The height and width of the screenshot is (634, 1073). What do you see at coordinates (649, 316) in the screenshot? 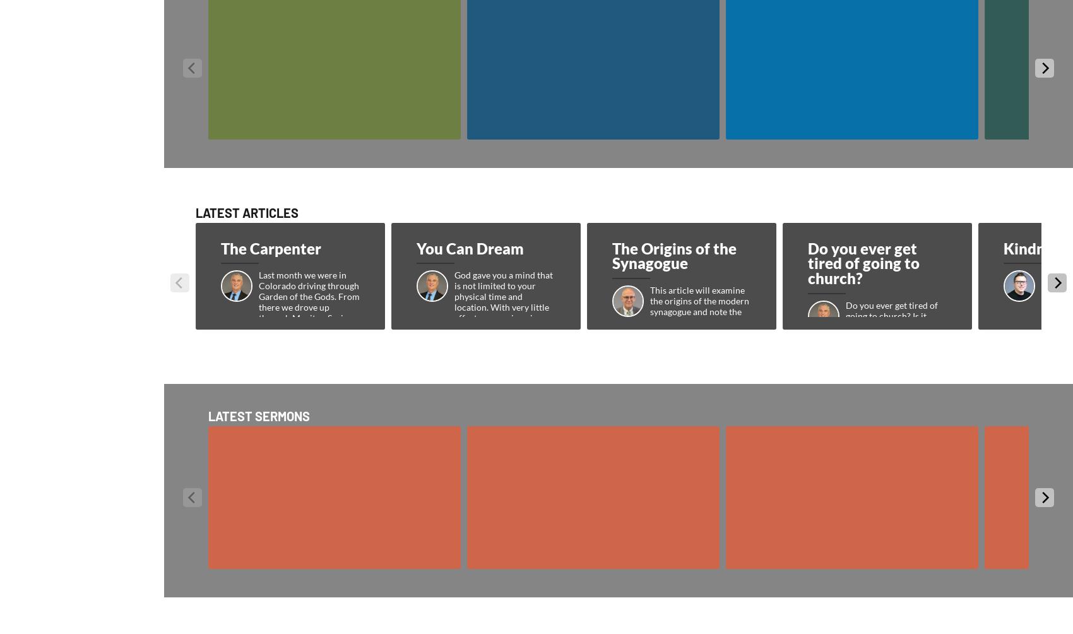
I see `'This article will examine the origins of the modern synagogue and note the developments that ultimately forged this ancient Jewish entity.'` at bounding box center [649, 316].